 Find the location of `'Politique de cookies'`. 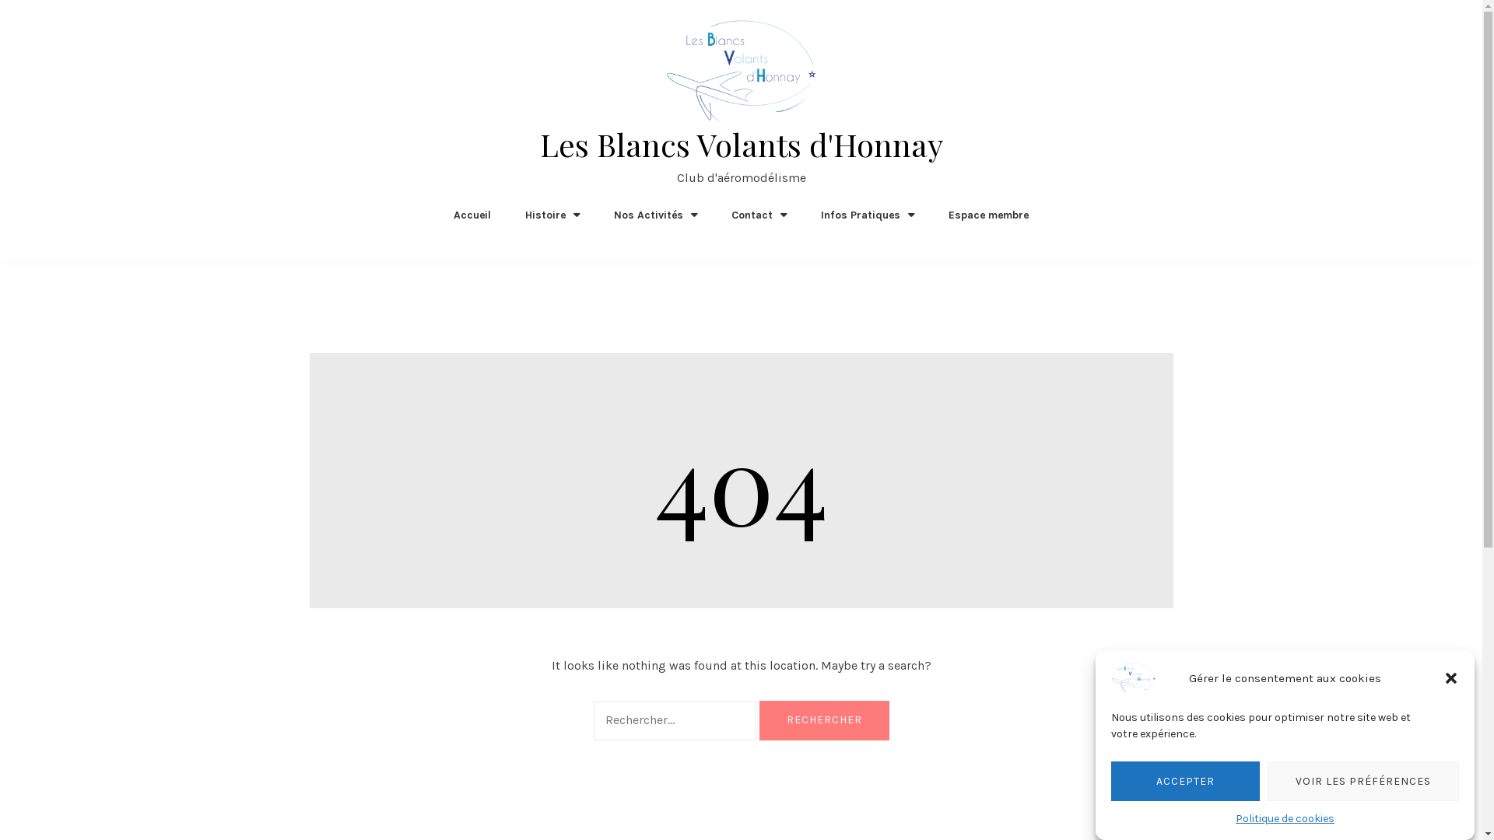

'Politique de cookies' is located at coordinates (1285, 817).